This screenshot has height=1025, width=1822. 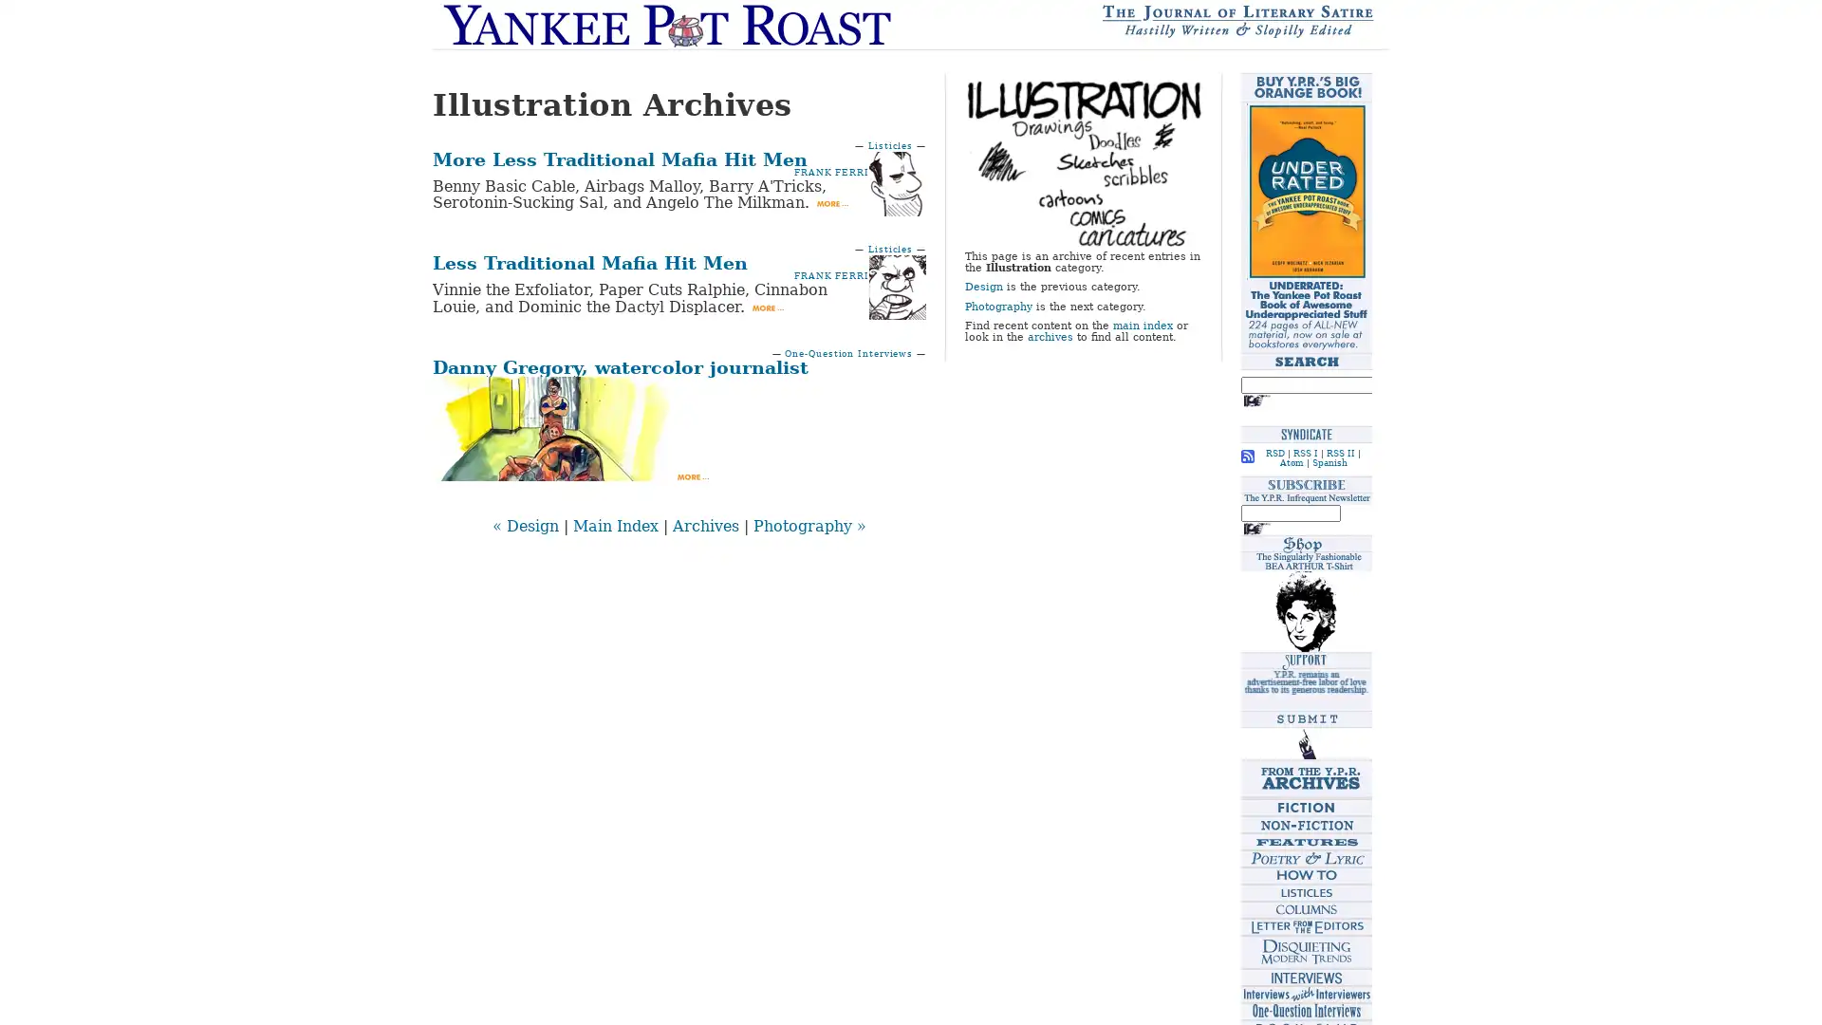 I want to click on Search!, so click(x=1256, y=399).